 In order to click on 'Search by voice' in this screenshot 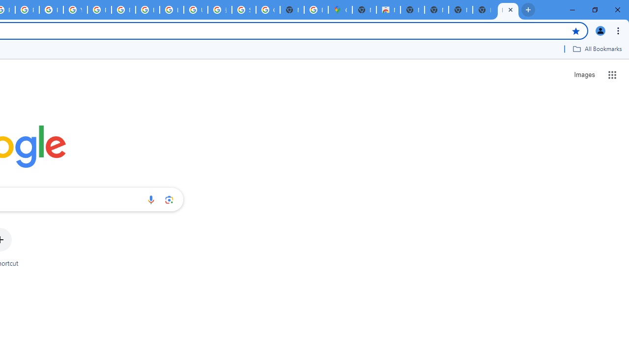, I will do `click(150, 199)`.